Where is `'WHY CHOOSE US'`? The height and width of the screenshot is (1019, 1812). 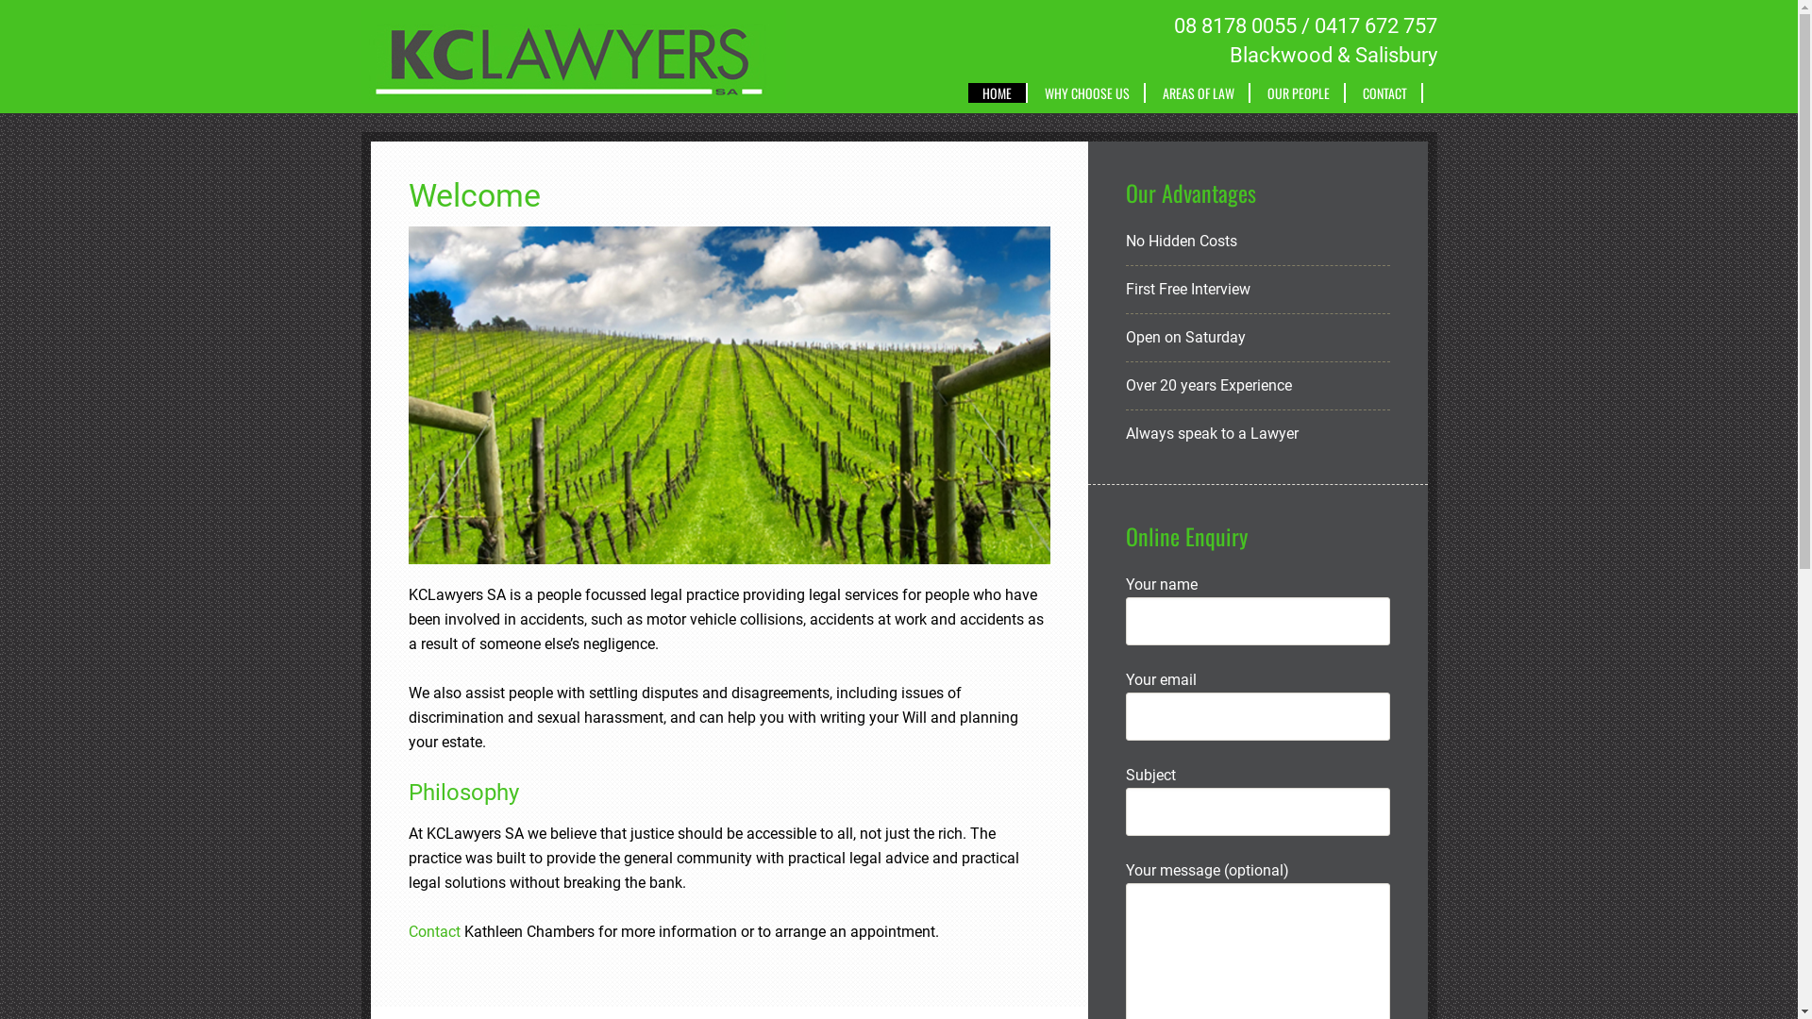
'WHY CHOOSE US' is located at coordinates (1087, 92).